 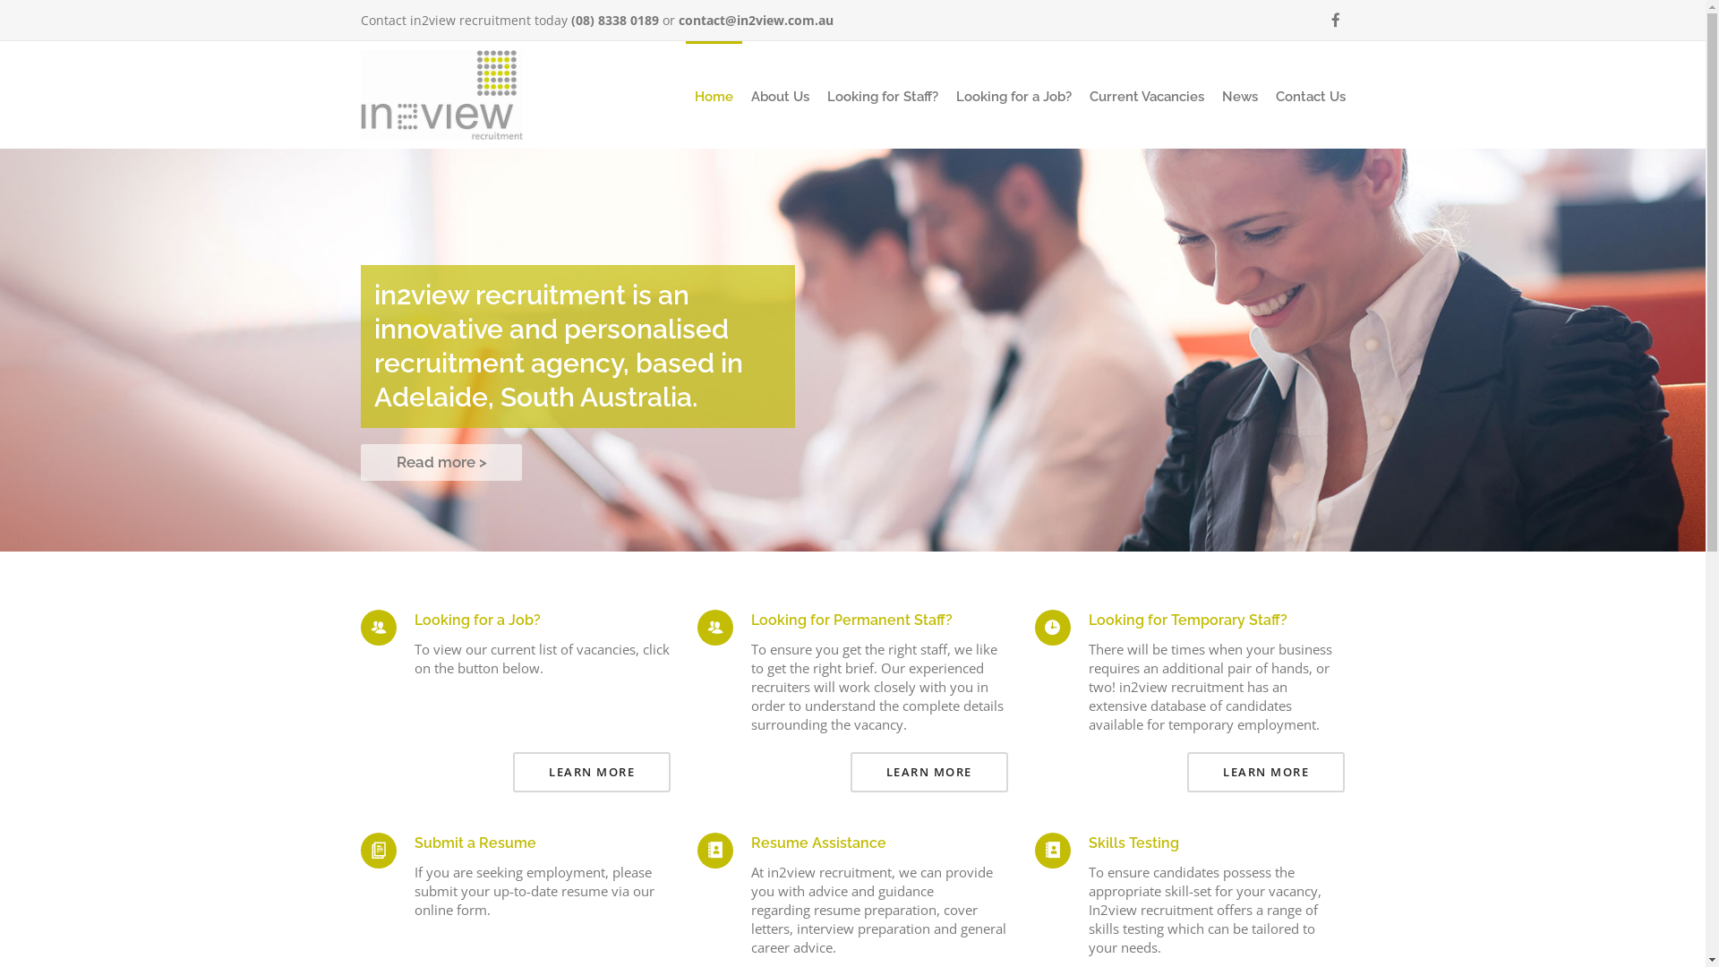 What do you see at coordinates (928, 771) in the screenshot?
I see `'LEARN MORE'` at bounding box center [928, 771].